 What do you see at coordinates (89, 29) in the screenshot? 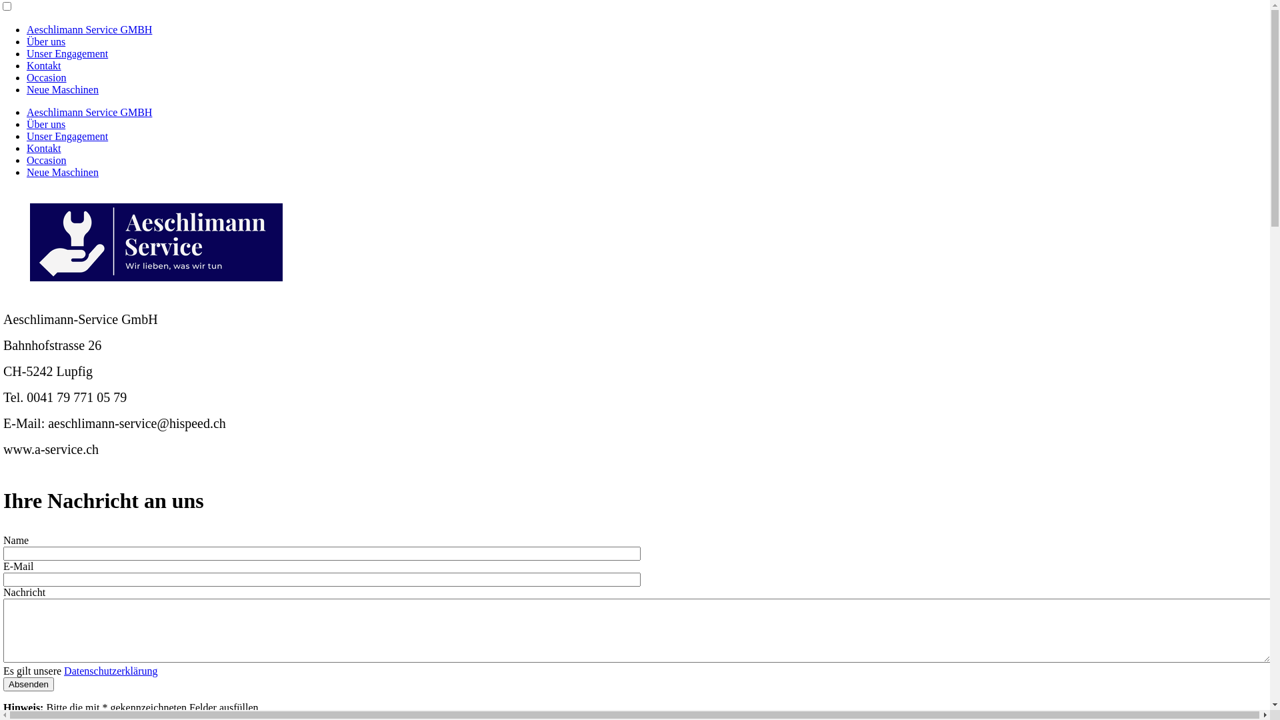
I see `'Aeschlimann Service GMBH'` at bounding box center [89, 29].